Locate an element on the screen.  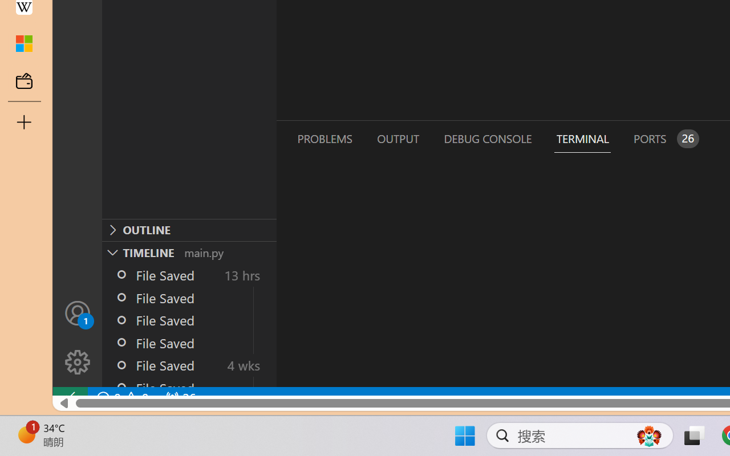
'No Problems' is located at coordinates (121, 398).